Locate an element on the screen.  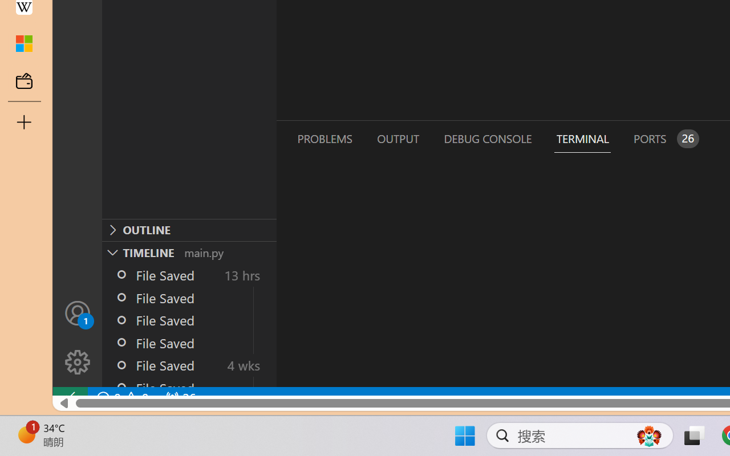
'No Problems' is located at coordinates (121, 398).